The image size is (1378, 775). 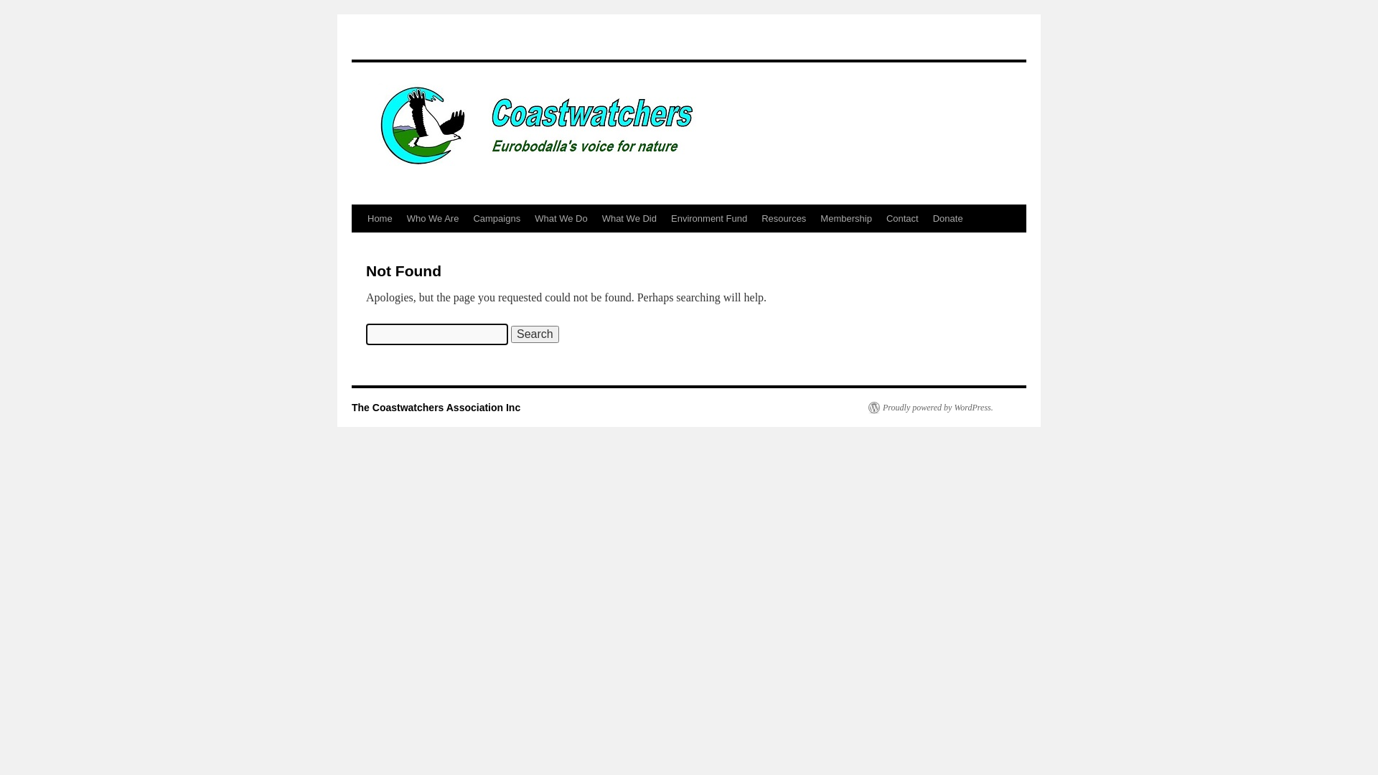 I want to click on 'Environment Fund', so click(x=709, y=218).